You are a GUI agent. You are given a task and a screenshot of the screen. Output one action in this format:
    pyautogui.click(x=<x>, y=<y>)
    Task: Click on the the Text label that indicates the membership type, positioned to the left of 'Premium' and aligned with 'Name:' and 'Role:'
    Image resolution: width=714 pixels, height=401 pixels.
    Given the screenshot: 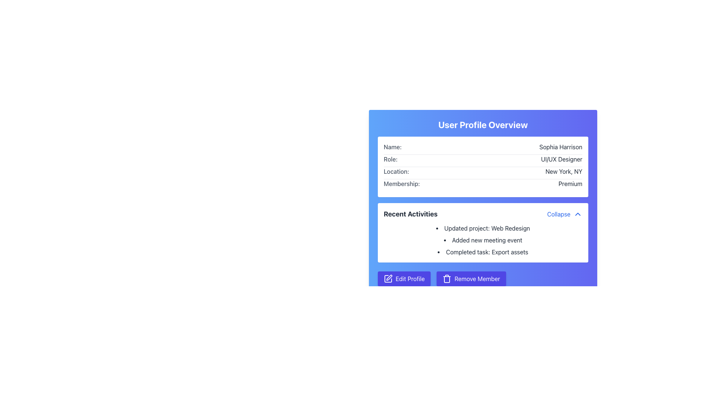 What is the action you would take?
    pyautogui.click(x=401, y=183)
    